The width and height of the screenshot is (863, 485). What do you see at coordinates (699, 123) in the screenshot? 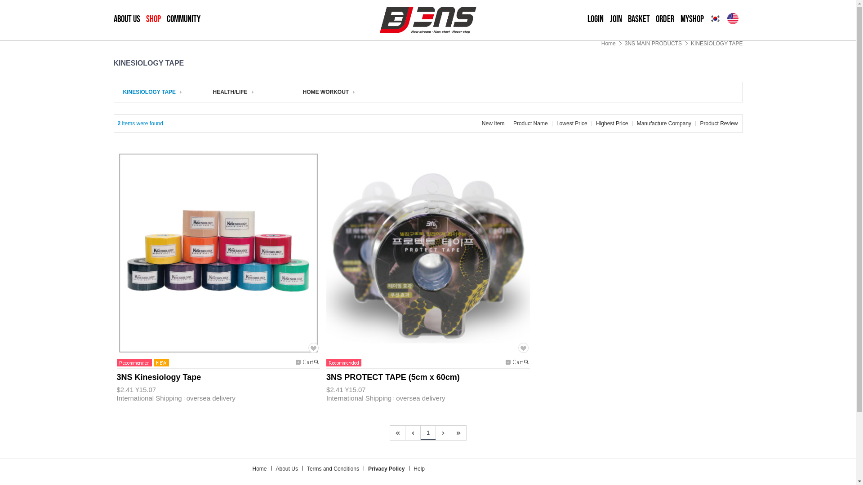
I see `'Product Review'` at bounding box center [699, 123].